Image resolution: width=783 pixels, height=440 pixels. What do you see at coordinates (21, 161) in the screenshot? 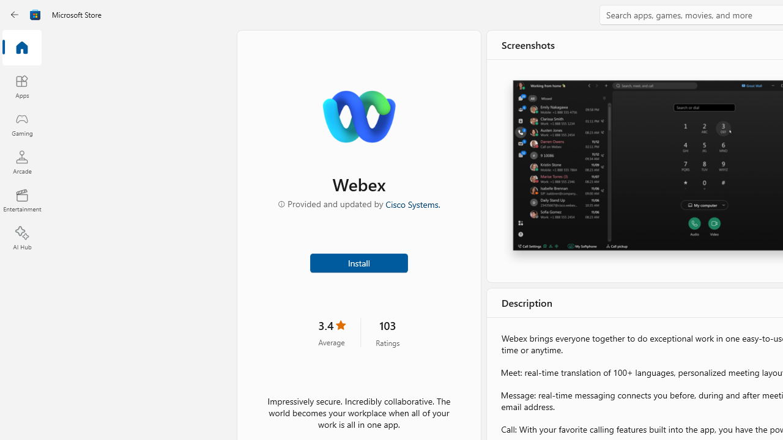
I see `'Arcade'` at bounding box center [21, 161].